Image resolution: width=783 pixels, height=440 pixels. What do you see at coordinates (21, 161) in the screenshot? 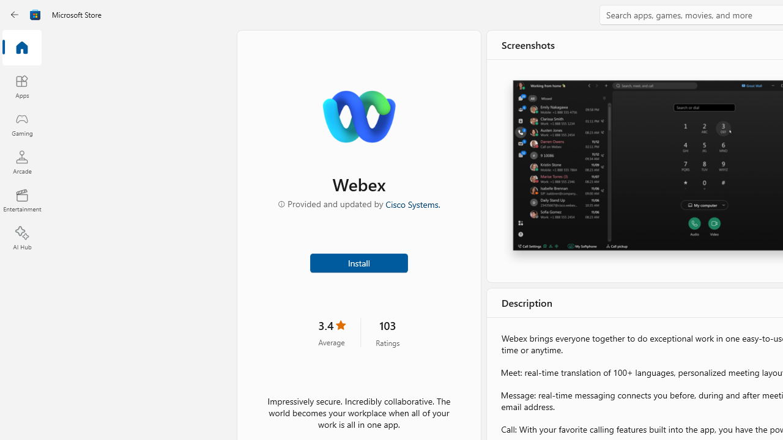
I see `'Arcade'` at bounding box center [21, 161].